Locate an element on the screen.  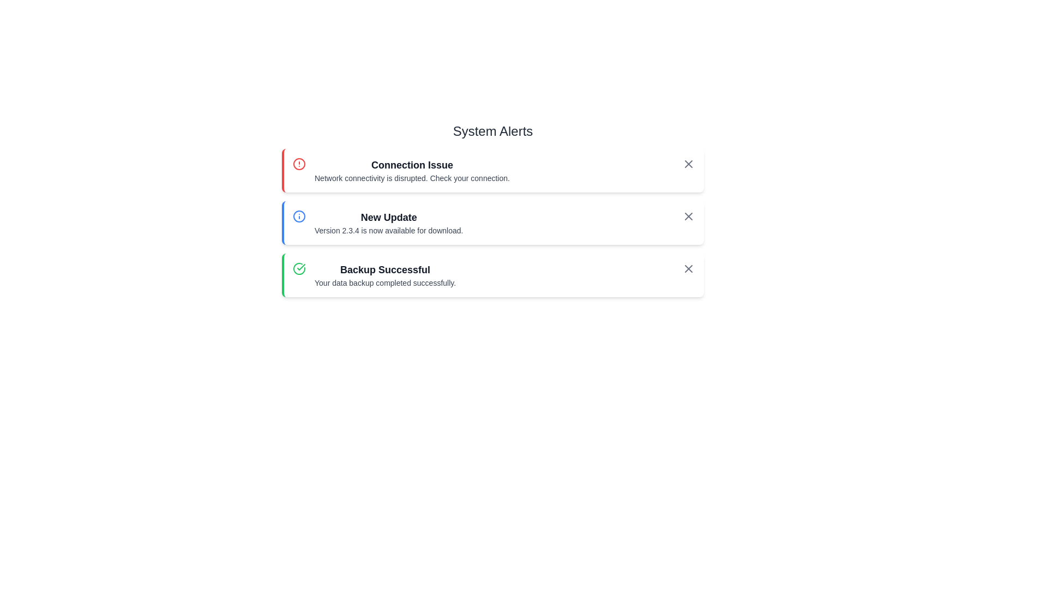
the Text Label that conveys additional details about the network connectivity issues located beneath the heading 'Connection Issue' in the topmost notification section is located at coordinates (411, 178).